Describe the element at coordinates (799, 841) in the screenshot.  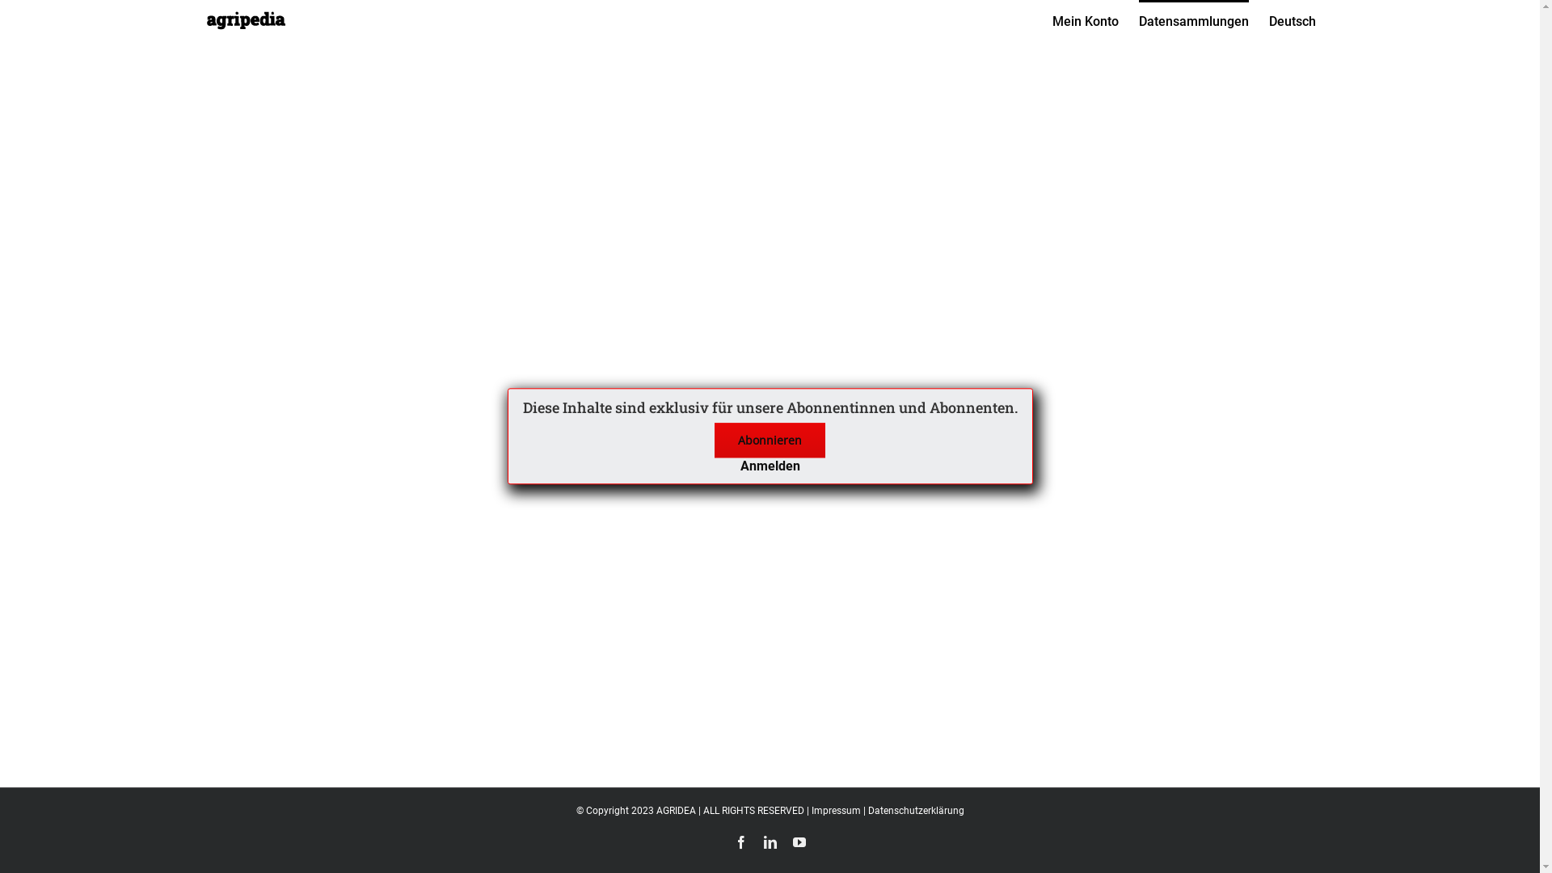
I see `'YouTube'` at that location.